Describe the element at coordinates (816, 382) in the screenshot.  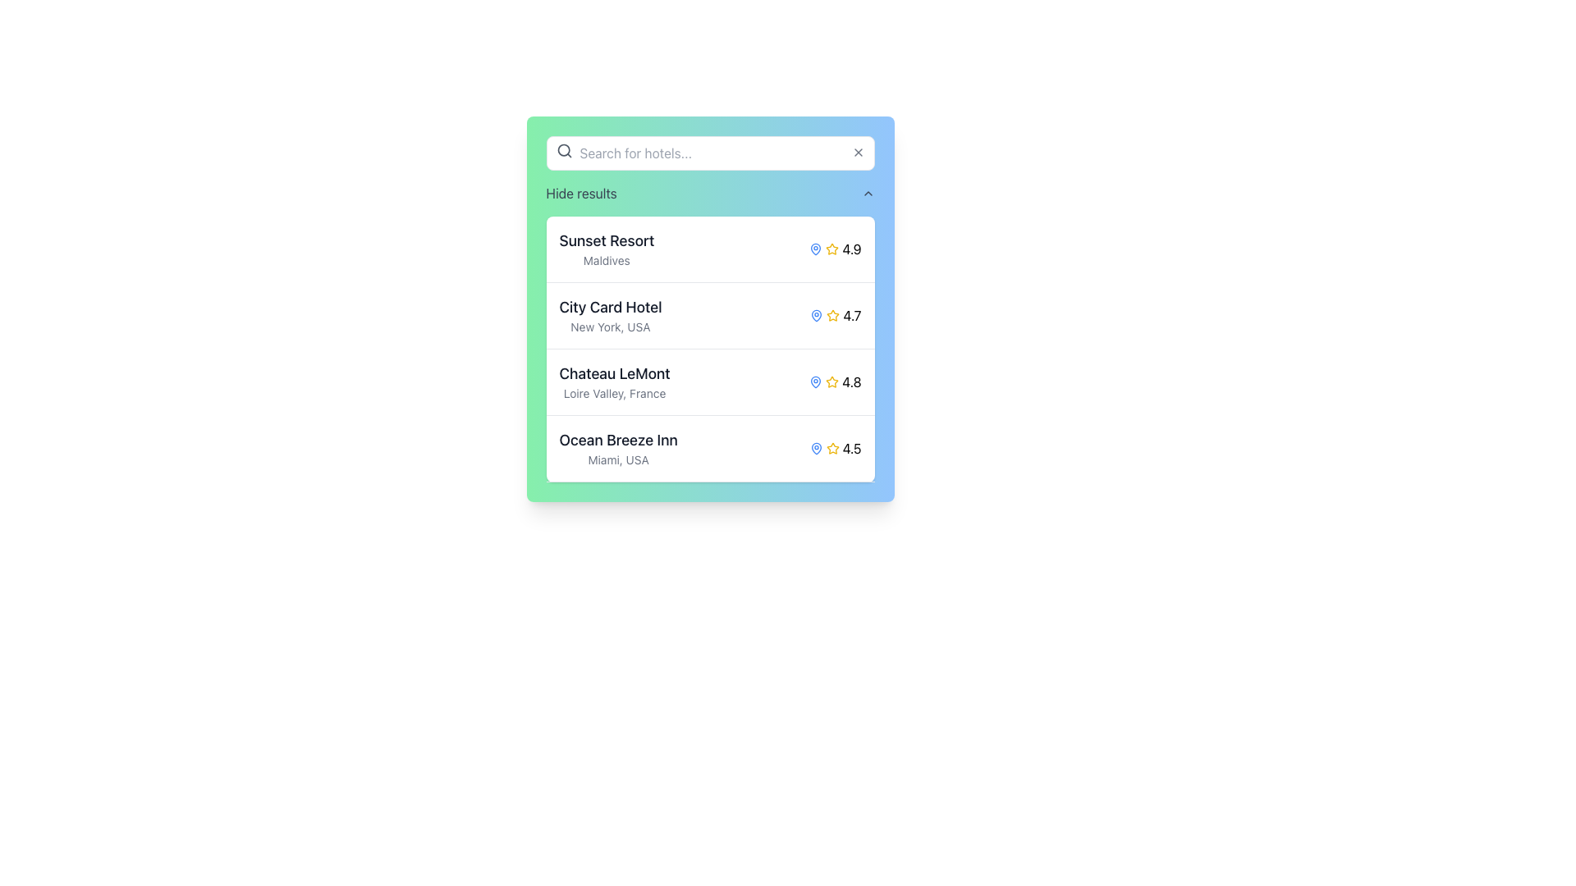
I see `the pin icon representing the location 'Chateau LeMont, Loire Valley, France', which features a blue outline and is positioned to the left of the rating score '4.8'` at that location.